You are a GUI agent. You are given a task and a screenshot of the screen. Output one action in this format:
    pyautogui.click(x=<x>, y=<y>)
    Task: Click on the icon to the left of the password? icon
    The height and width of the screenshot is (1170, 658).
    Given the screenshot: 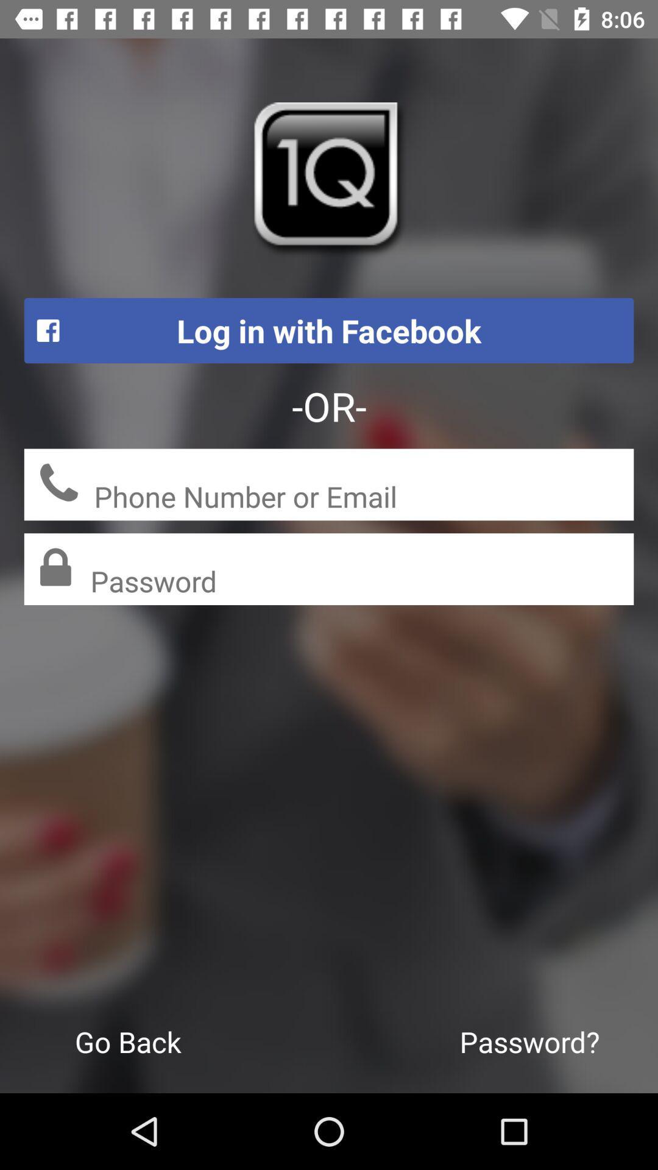 What is the action you would take?
    pyautogui.click(x=128, y=1041)
    